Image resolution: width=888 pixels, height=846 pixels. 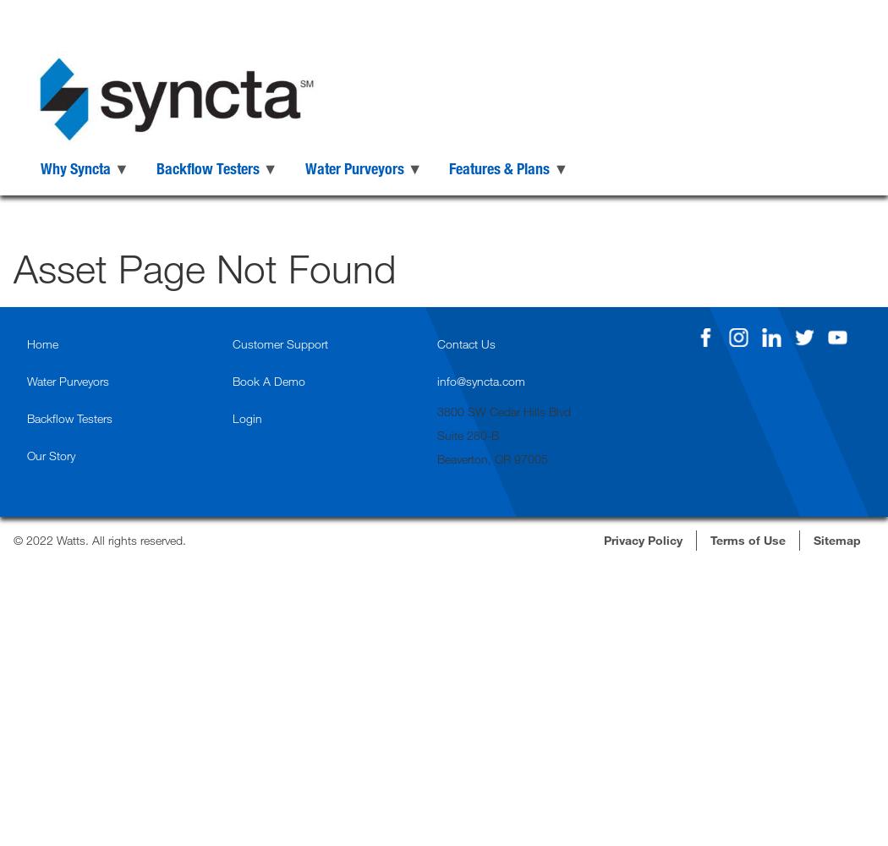 I want to click on '3800 SW Cedar Hills Blvd', so click(x=436, y=409).